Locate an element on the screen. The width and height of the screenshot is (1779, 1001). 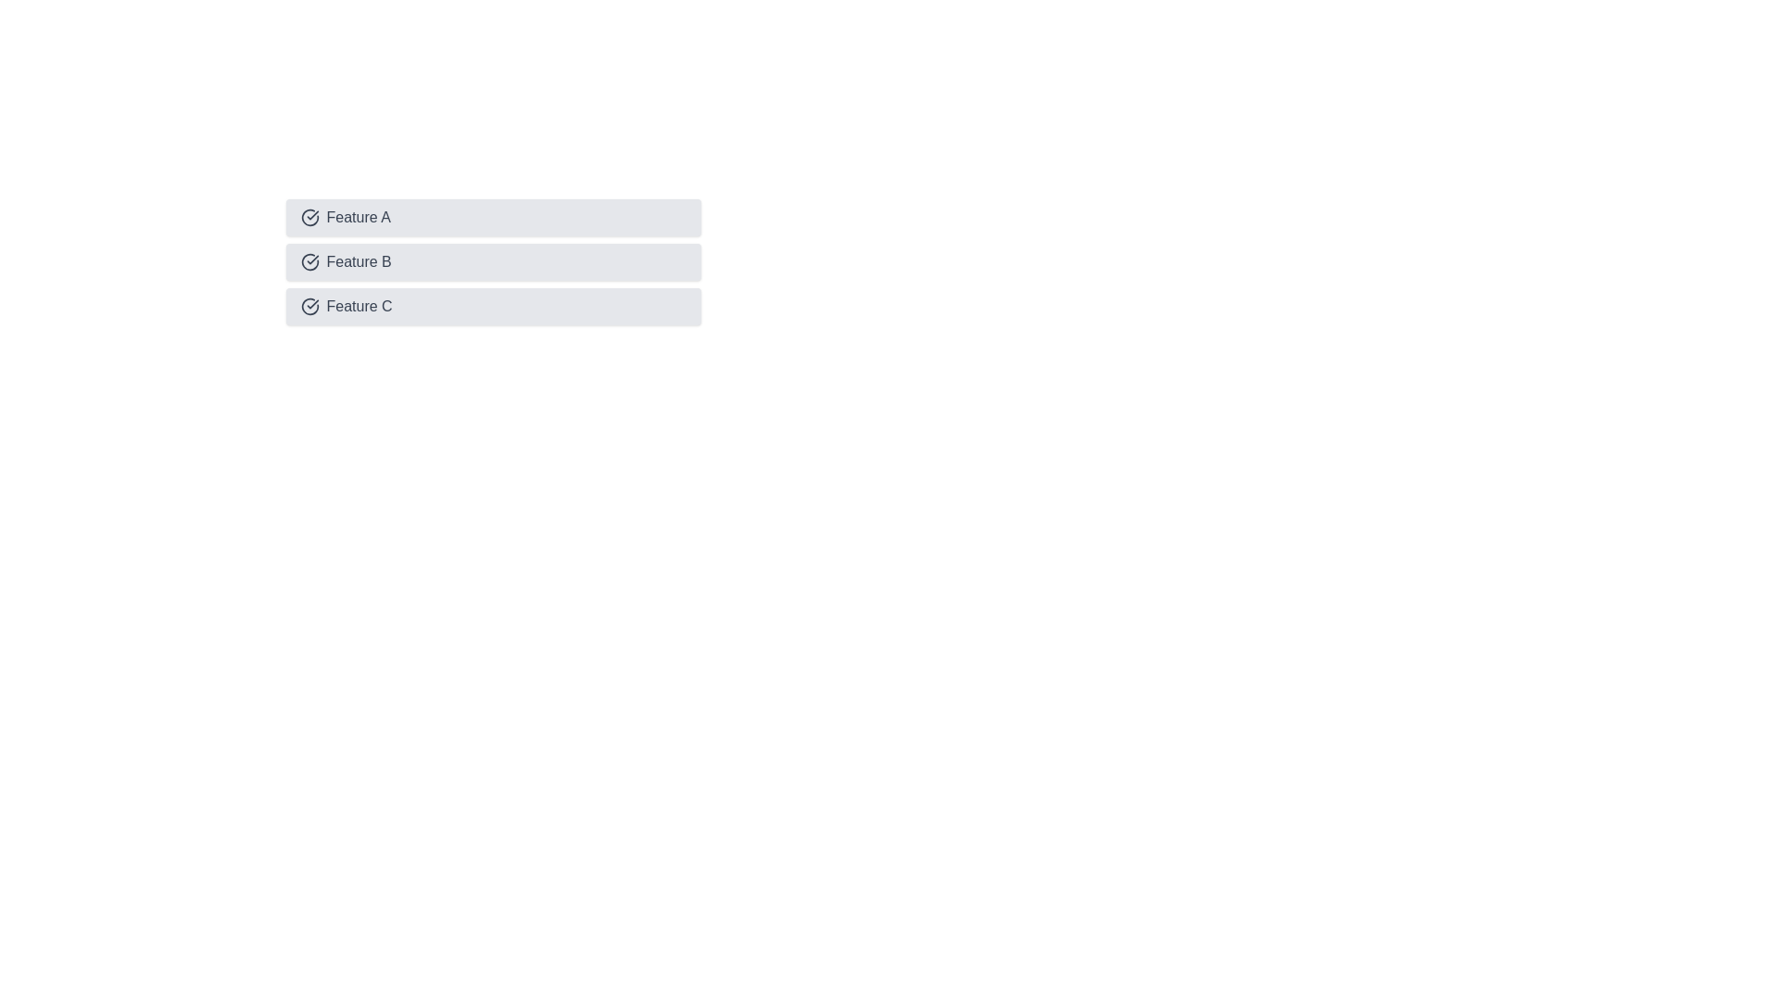
the chip labeled Feature C is located at coordinates (493, 306).